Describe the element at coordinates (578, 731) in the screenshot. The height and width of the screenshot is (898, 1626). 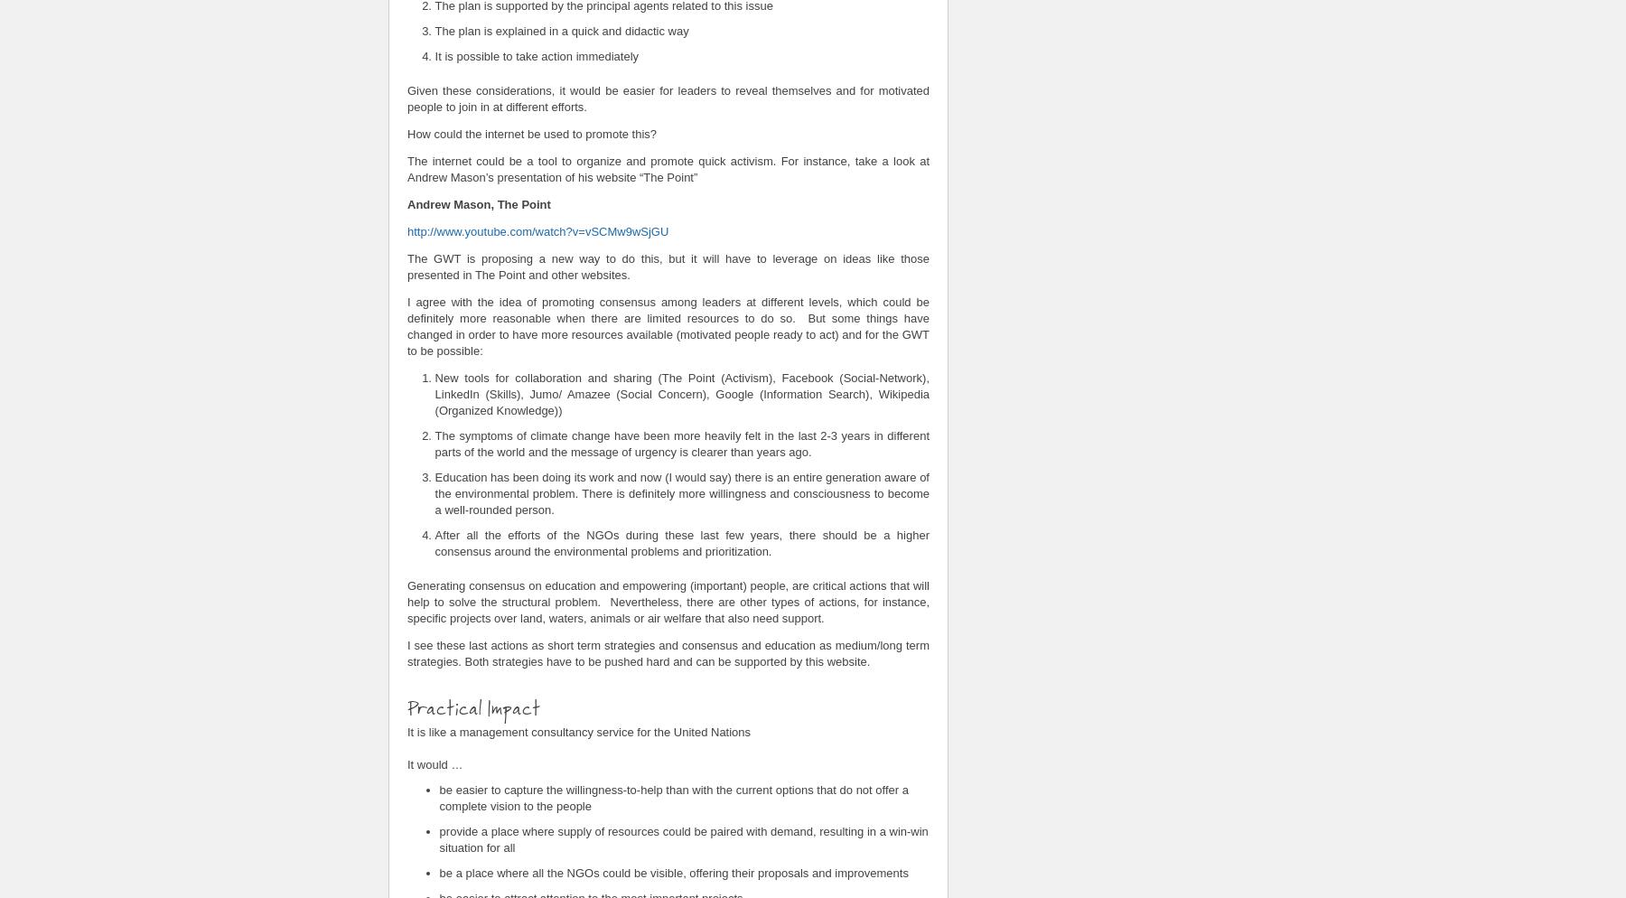
I see `'It is like a management consultancy service for the United Nations'` at that location.